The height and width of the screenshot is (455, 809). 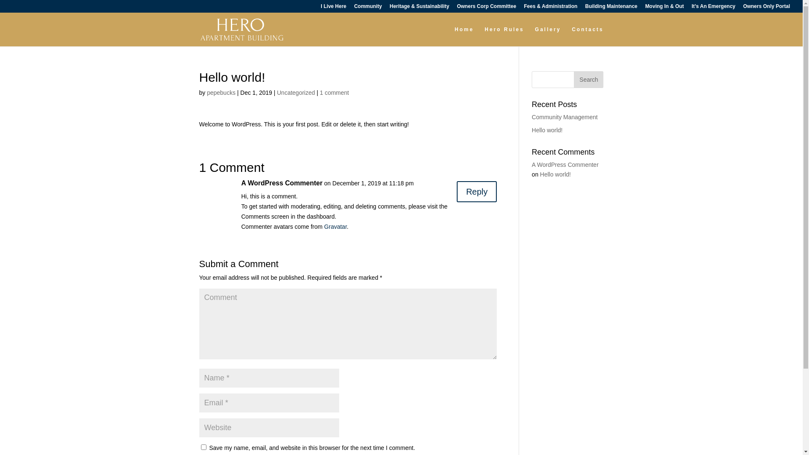 I want to click on 'I Live Here', so click(x=333, y=8).